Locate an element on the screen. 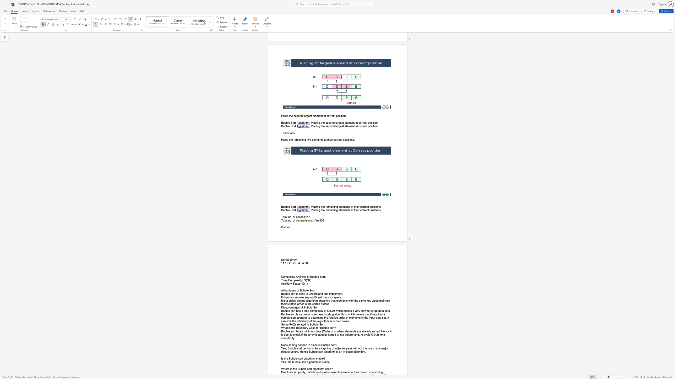 The height and width of the screenshot is (379, 675). the subset text "ges of Bubble" within the text "Disadvantages of Bubble Sort:" is located at coordinates (295, 307).